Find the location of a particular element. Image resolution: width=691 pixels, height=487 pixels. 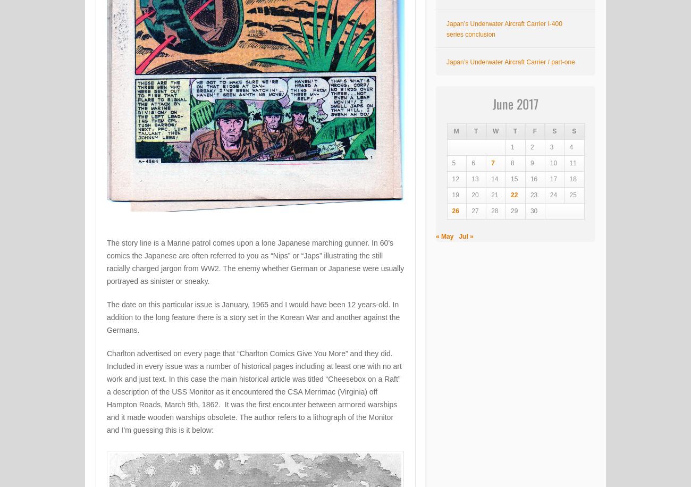

'3' is located at coordinates (550, 147).